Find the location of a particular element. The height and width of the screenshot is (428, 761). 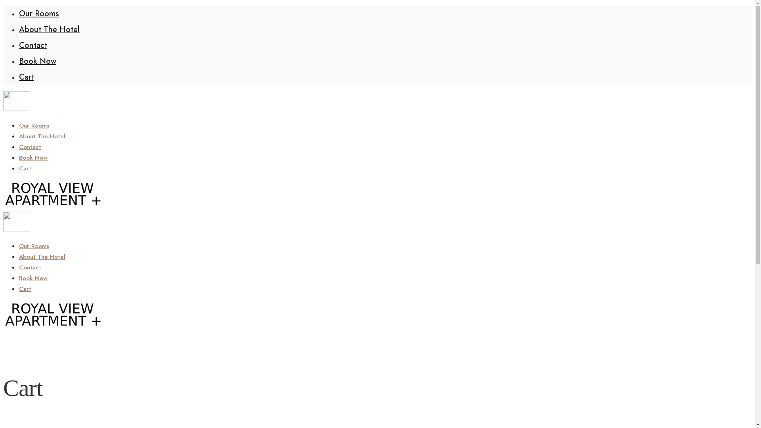

'About The Hotel' is located at coordinates (42, 257).